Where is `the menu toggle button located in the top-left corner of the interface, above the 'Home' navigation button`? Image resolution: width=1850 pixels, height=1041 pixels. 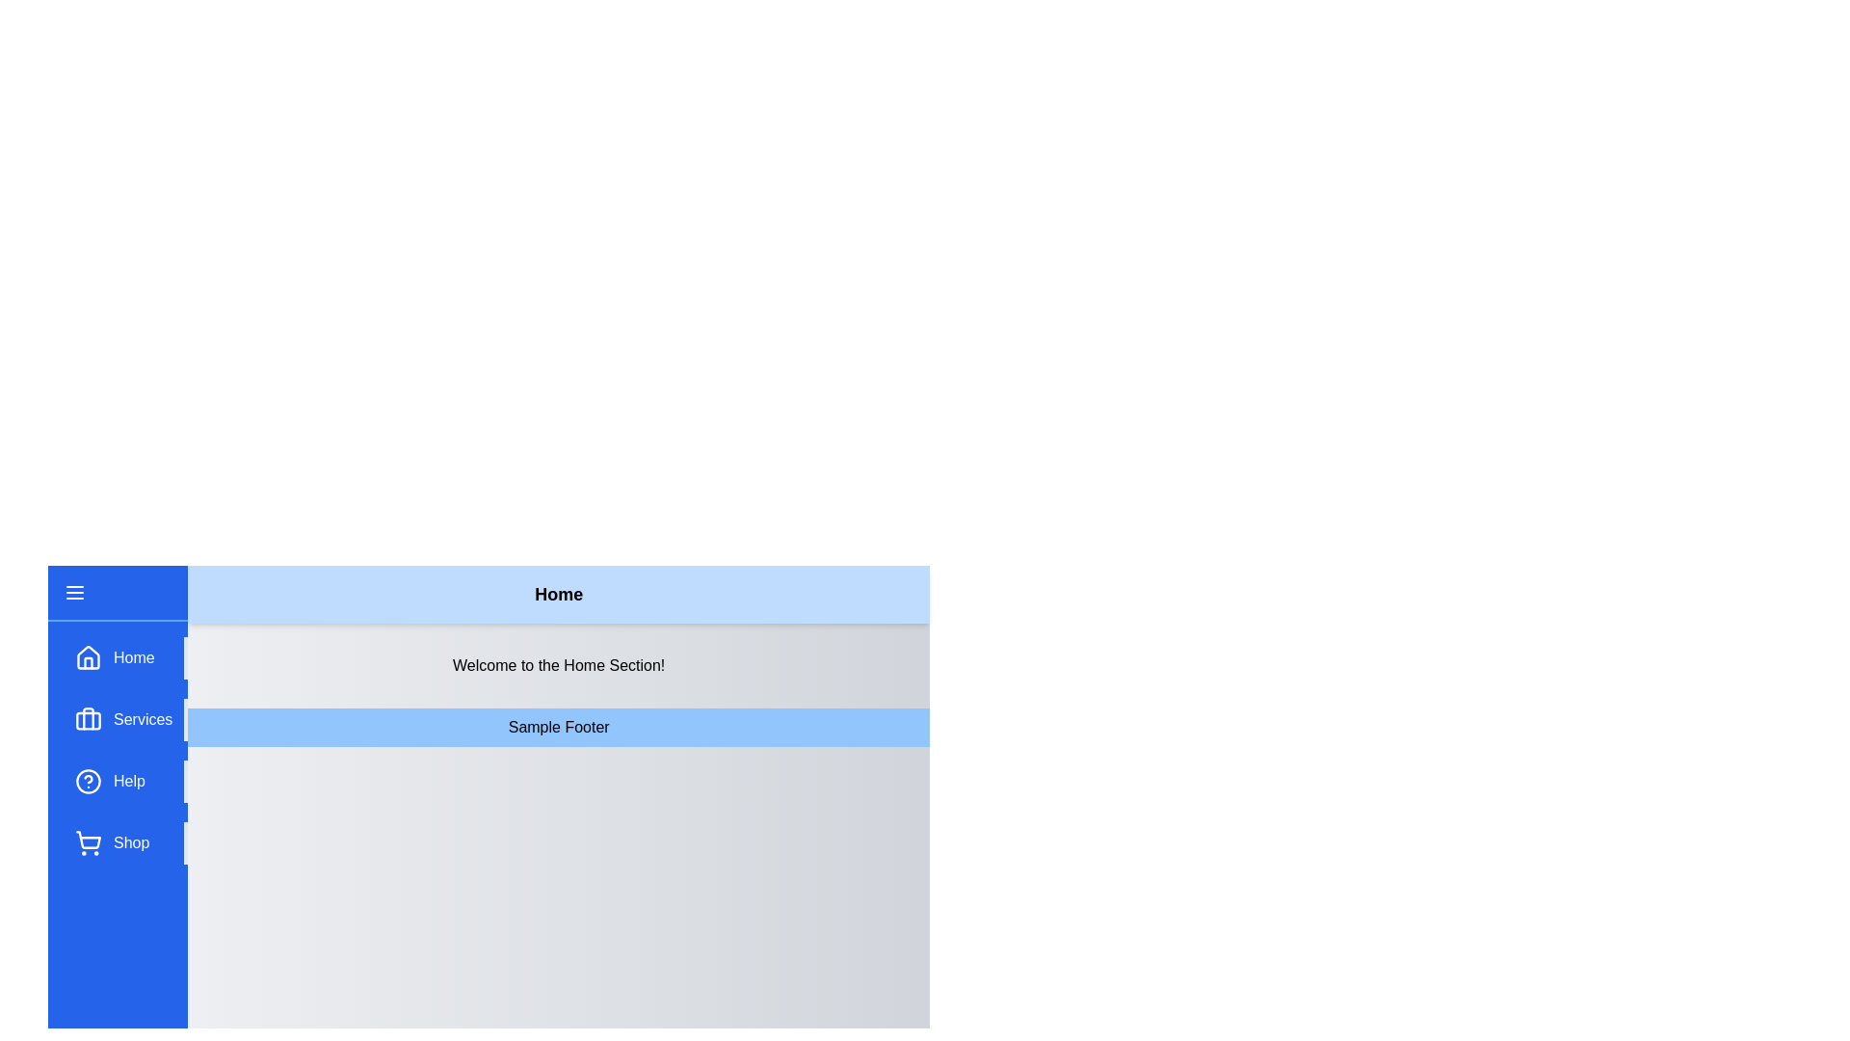 the menu toggle button located in the top-left corner of the interface, above the 'Home' navigation button is located at coordinates (74, 591).